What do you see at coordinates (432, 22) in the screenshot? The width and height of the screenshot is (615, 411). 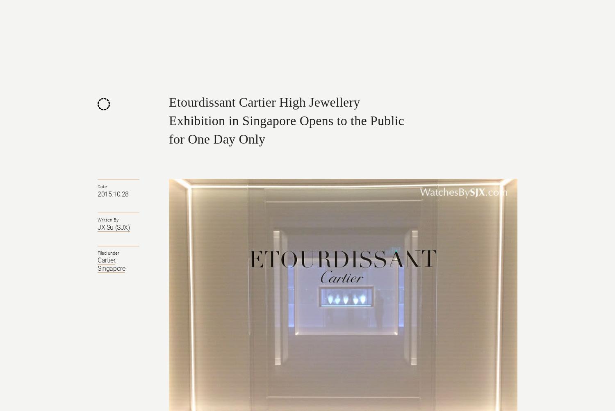 I see `'About'` at bounding box center [432, 22].